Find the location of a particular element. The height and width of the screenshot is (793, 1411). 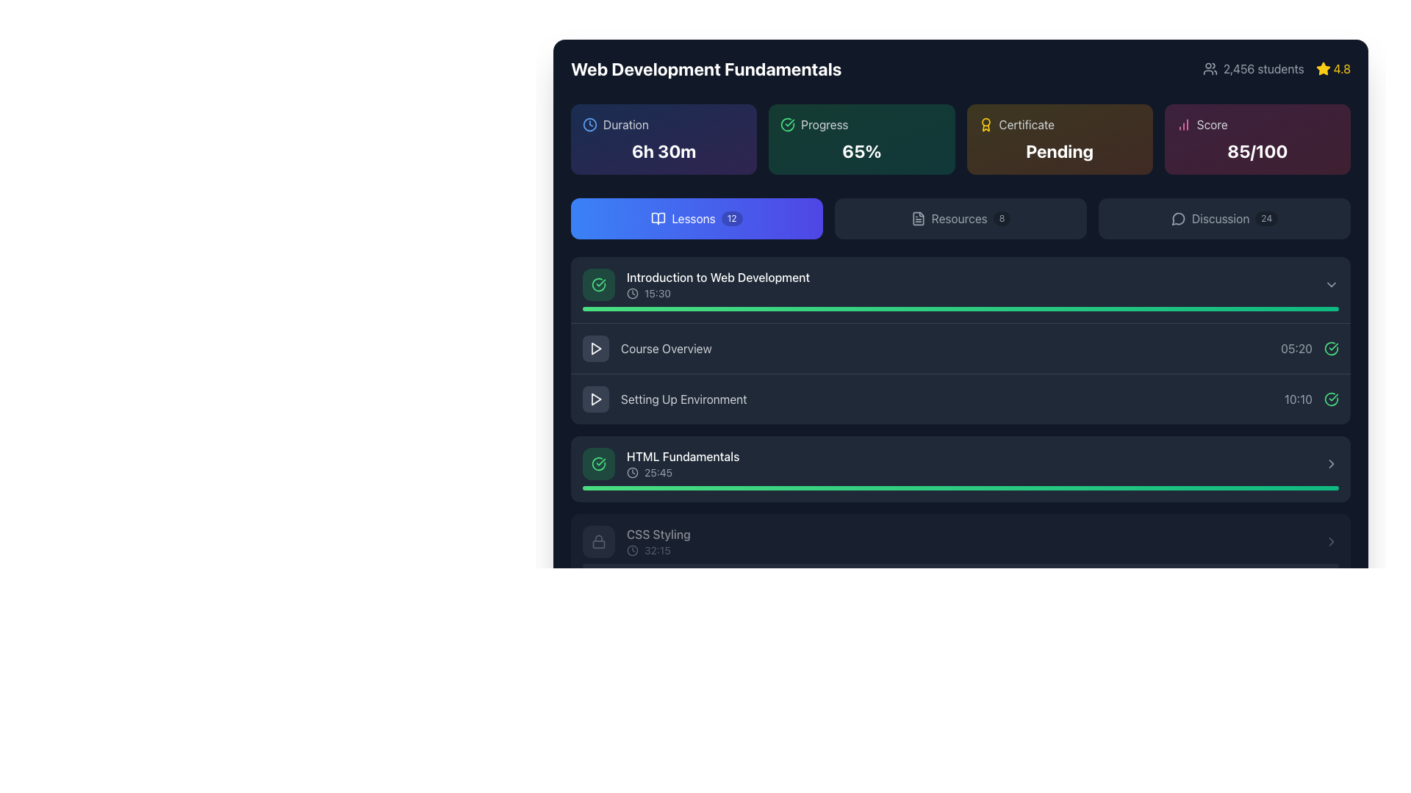

the Badge or Status Indicator located to the right of the 'Resources' text in the navigation bar, which displays a count of items or notifications is located at coordinates (1001, 218).